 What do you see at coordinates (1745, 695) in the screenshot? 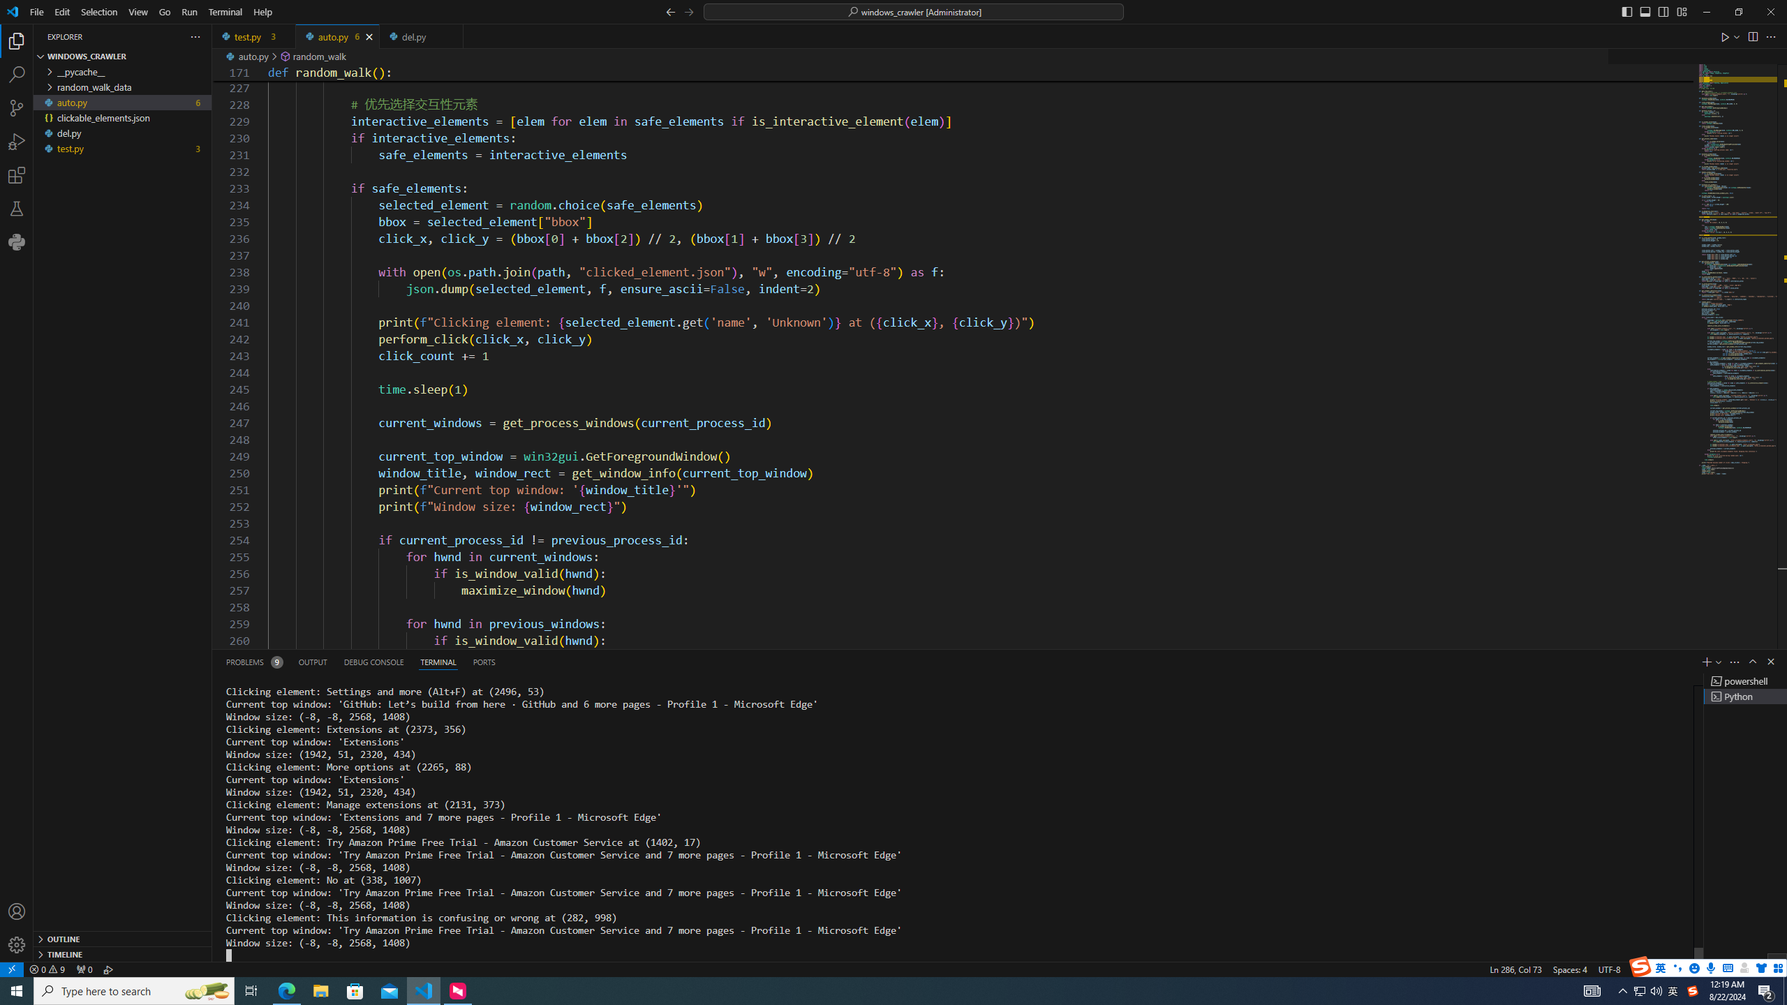
I see `'Terminal 5 Python'` at bounding box center [1745, 695].